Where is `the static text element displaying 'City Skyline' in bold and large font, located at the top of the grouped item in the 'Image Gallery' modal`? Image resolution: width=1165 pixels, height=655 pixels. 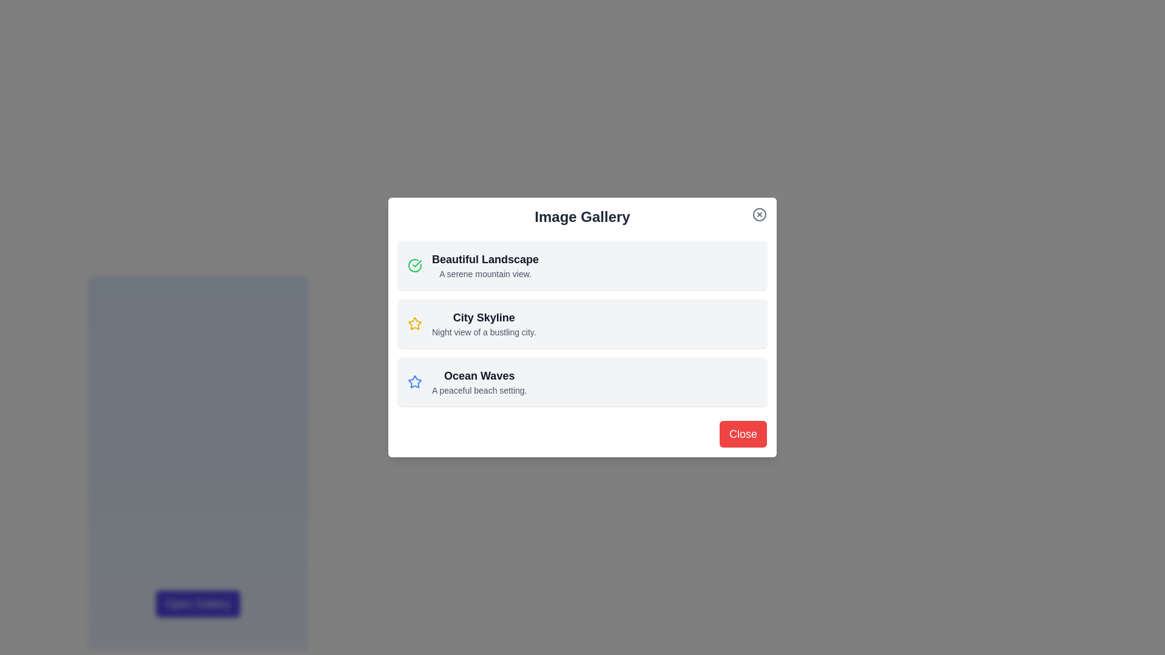 the static text element displaying 'City Skyline' in bold and large font, located at the top of the grouped item in the 'Image Gallery' modal is located at coordinates (483, 317).